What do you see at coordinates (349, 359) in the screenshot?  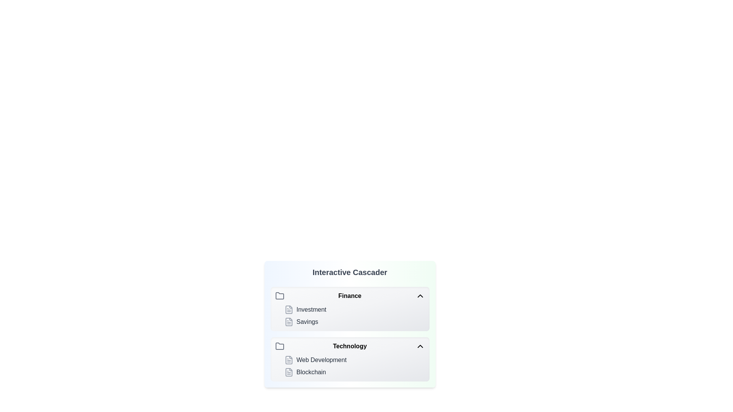 I see `the sub-option 'Web Development' located under the 'Technology' expandable section, which categorizes related items` at bounding box center [349, 359].